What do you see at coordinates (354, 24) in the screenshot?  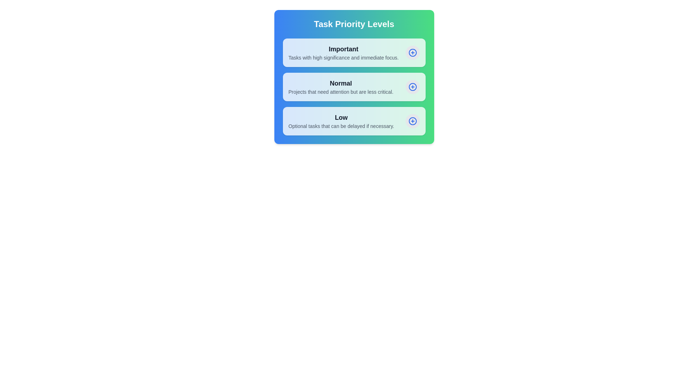 I see `the prominent title element displaying 'Task Priority Levels' in large, bold, white font, located at the top of the header section with a gradient background` at bounding box center [354, 24].